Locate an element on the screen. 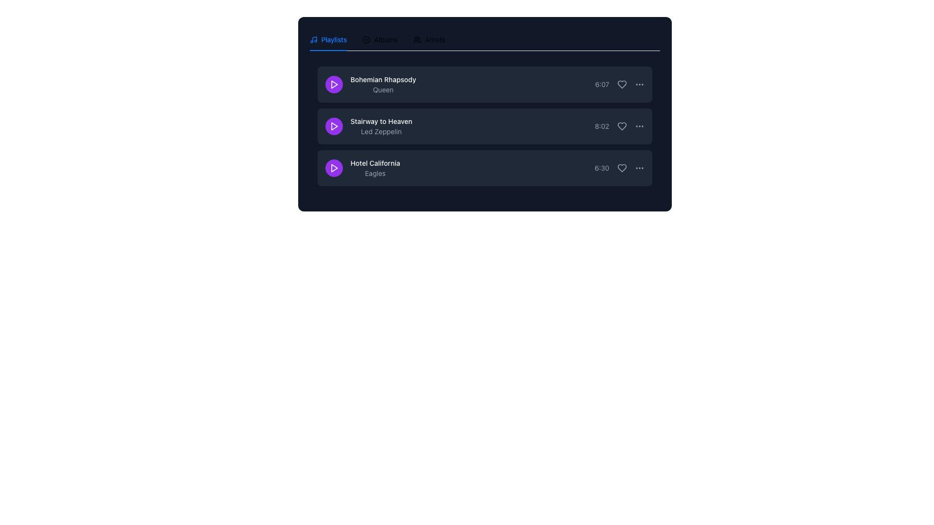 Image resolution: width=934 pixels, height=525 pixels. the 'Artists' tab, which is the third tab in a horizontal tab group is located at coordinates (429, 39).